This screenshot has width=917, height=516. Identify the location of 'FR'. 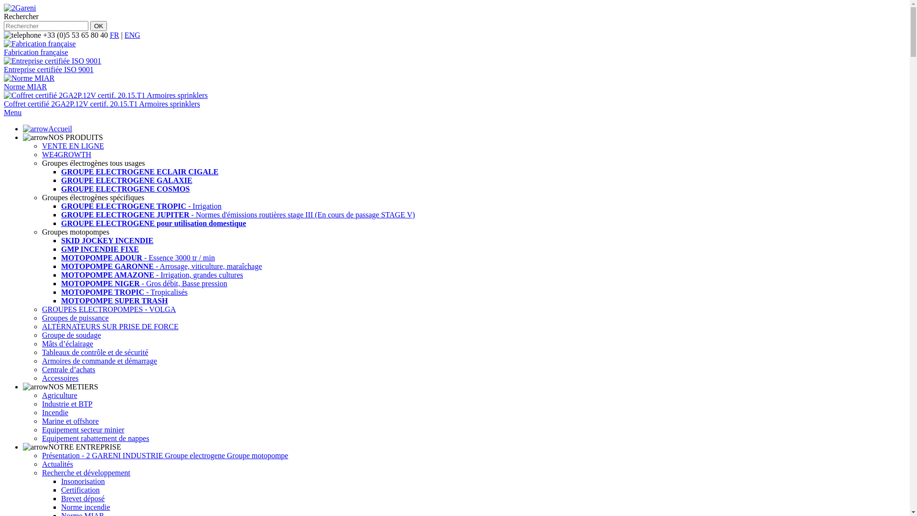
(110, 34).